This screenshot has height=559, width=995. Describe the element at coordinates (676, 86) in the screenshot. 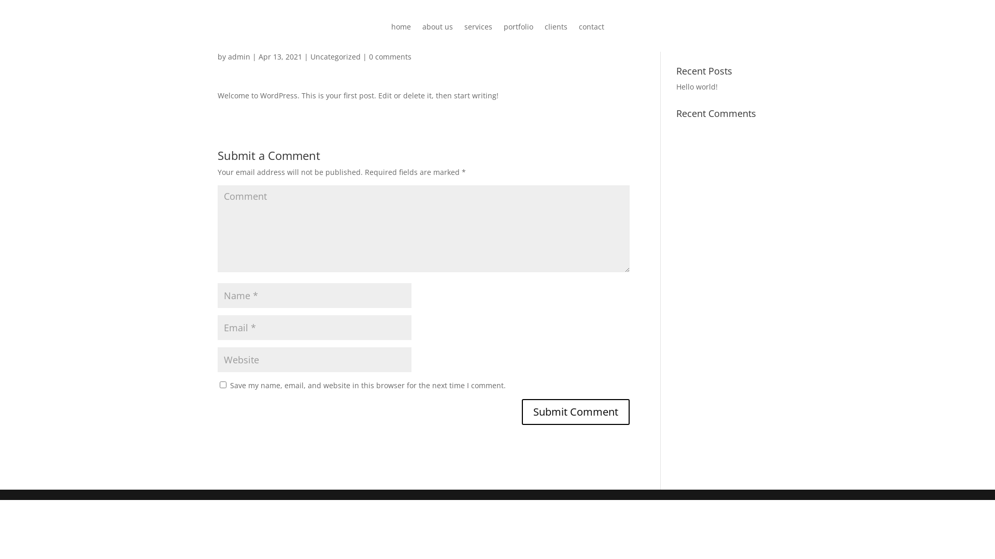

I see `'Hello world!'` at that location.